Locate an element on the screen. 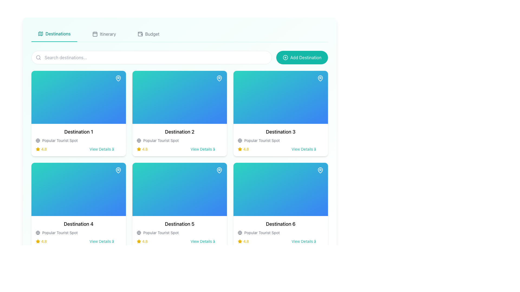  the text display showing the value '4.8' styled in yellow, which is positioned next to a yellow star icon in the card for 'Destination 3' is located at coordinates (243, 149).